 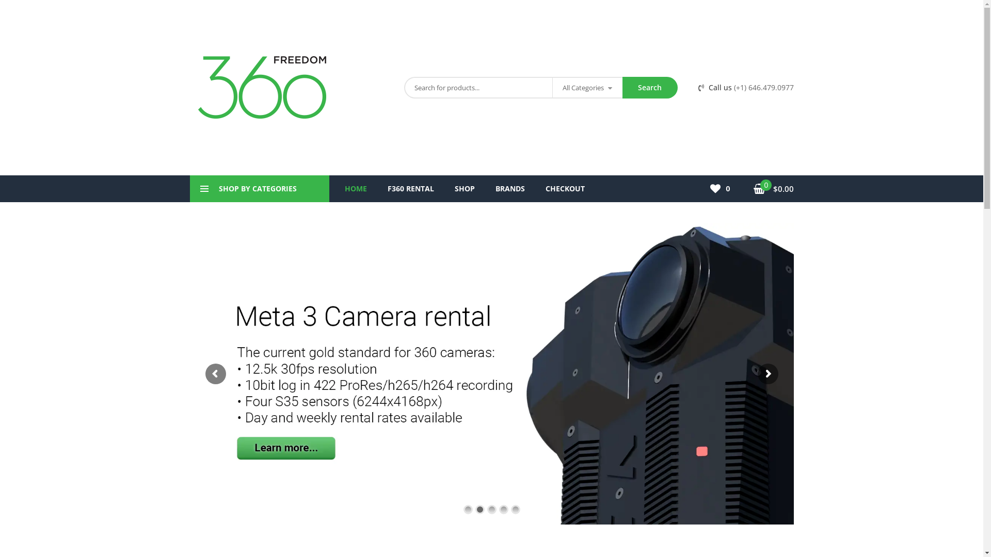 I want to click on 'SHOP', so click(x=463, y=189).